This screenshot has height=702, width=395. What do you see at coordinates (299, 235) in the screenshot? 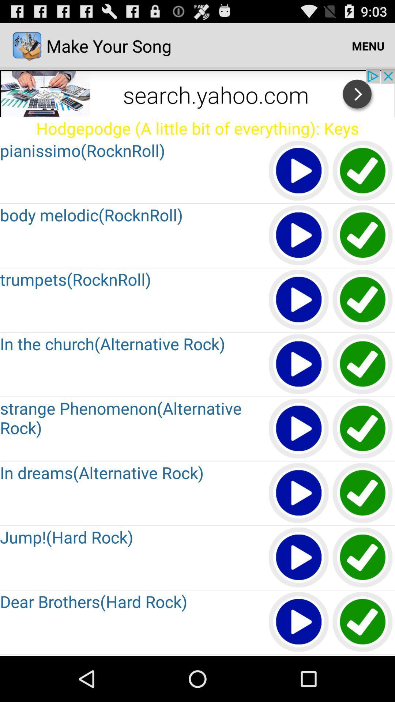
I see `the play button` at bounding box center [299, 235].